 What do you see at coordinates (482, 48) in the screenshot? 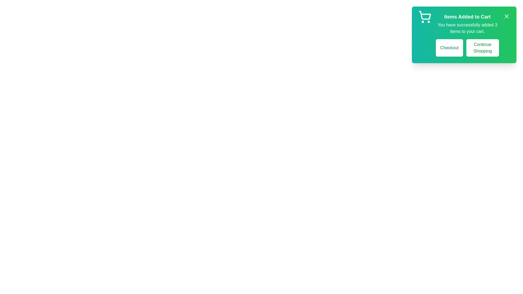
I see `the 'Continue Shopping' button` at bounding box center [482, 48].